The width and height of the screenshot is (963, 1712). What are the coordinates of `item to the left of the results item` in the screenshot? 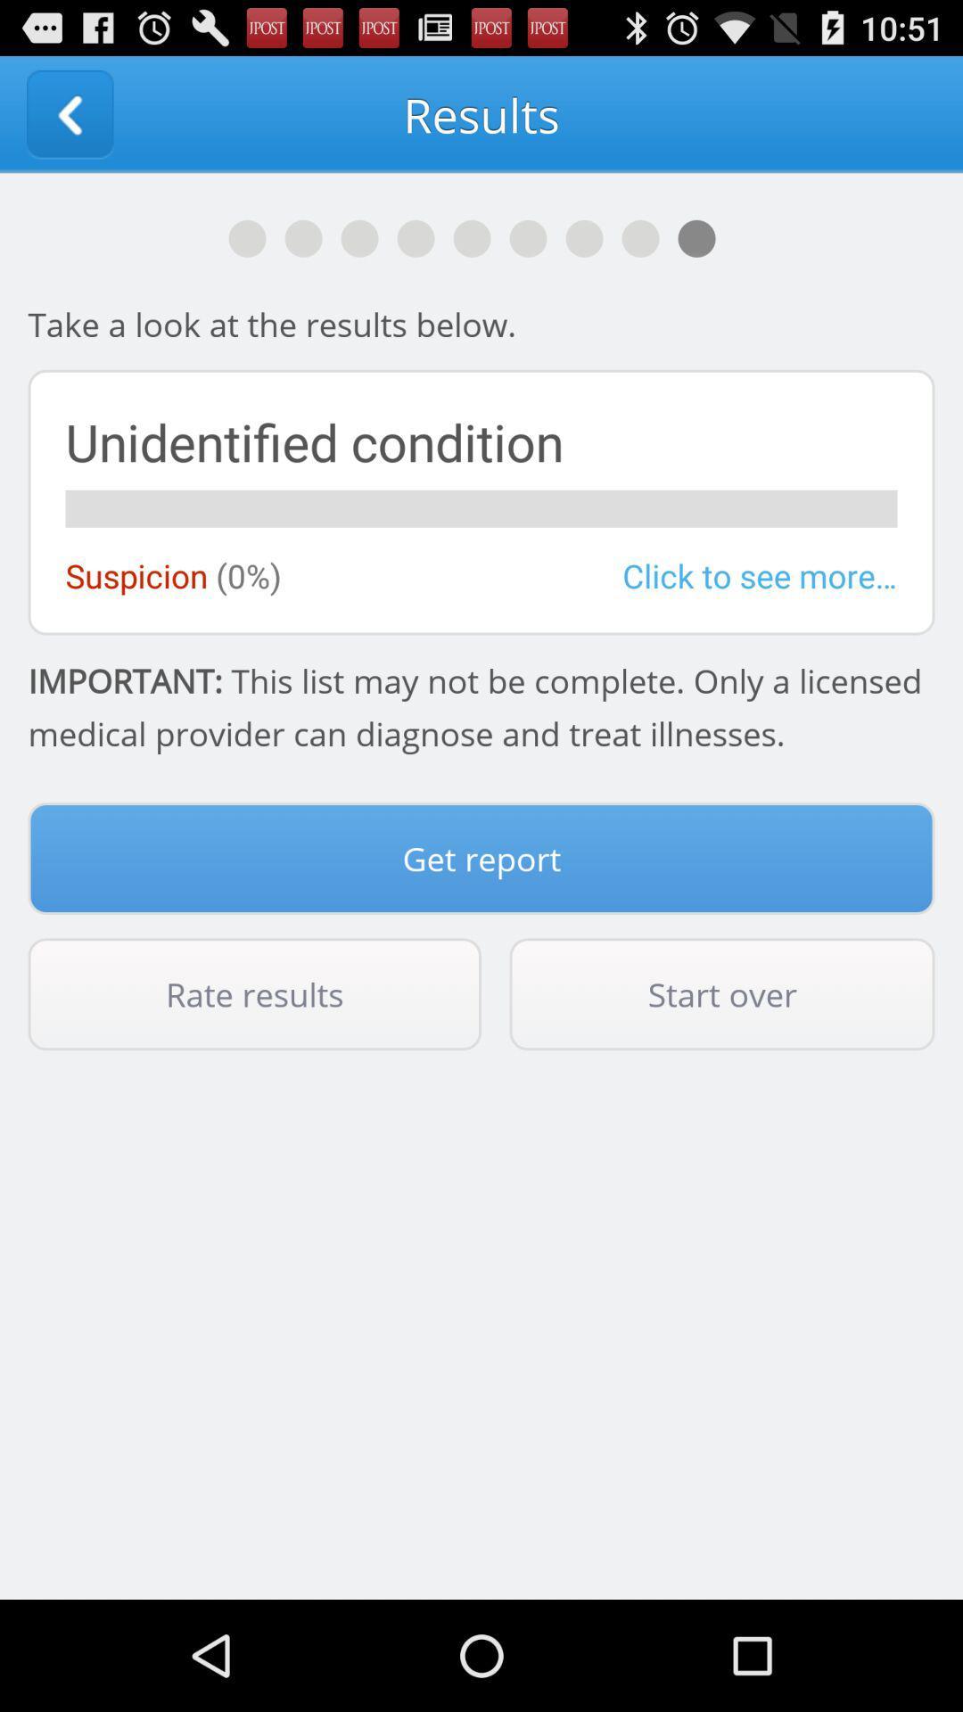 It's located at (69, 113).